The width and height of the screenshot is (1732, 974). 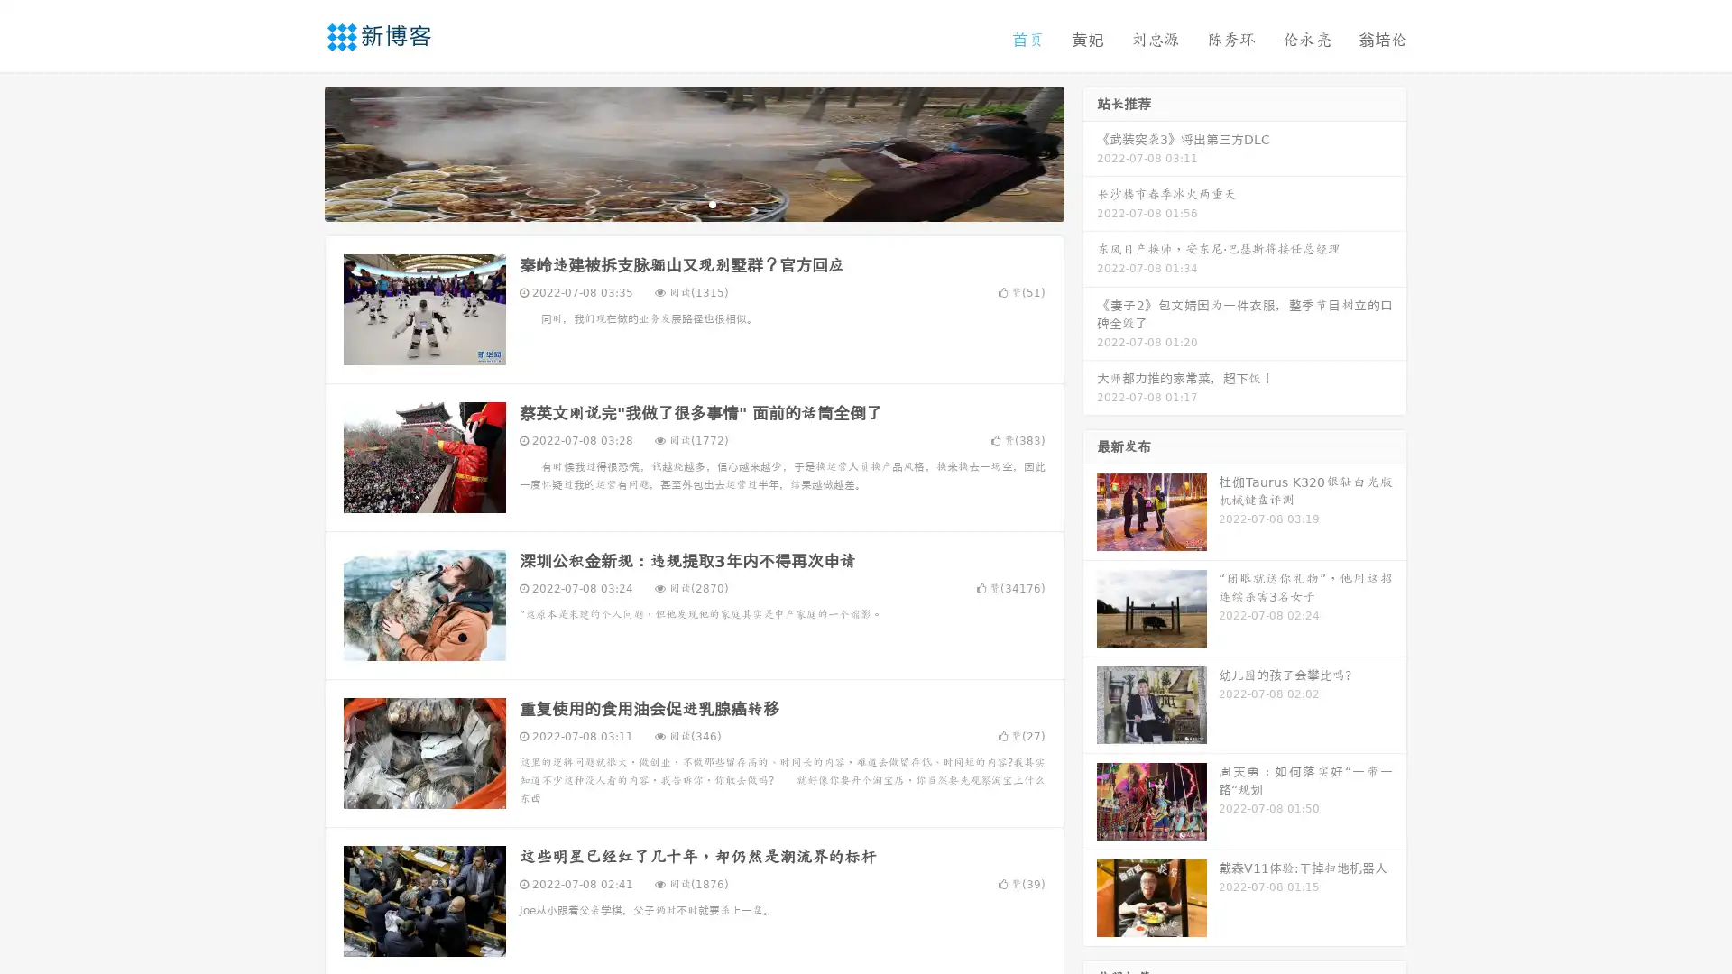 I want to click on Next slide, so click(x=1090, y=152).